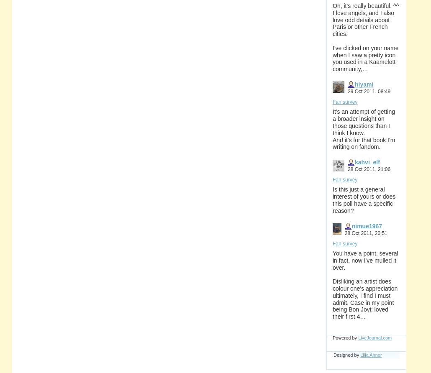 Image resolution: width=431 pixels, height=373 pixels. What do you see at coordinates (347, 91) in the screenshot?
I see `'29 Oct 2011, 08:49'` at bounding box center [347, 91].